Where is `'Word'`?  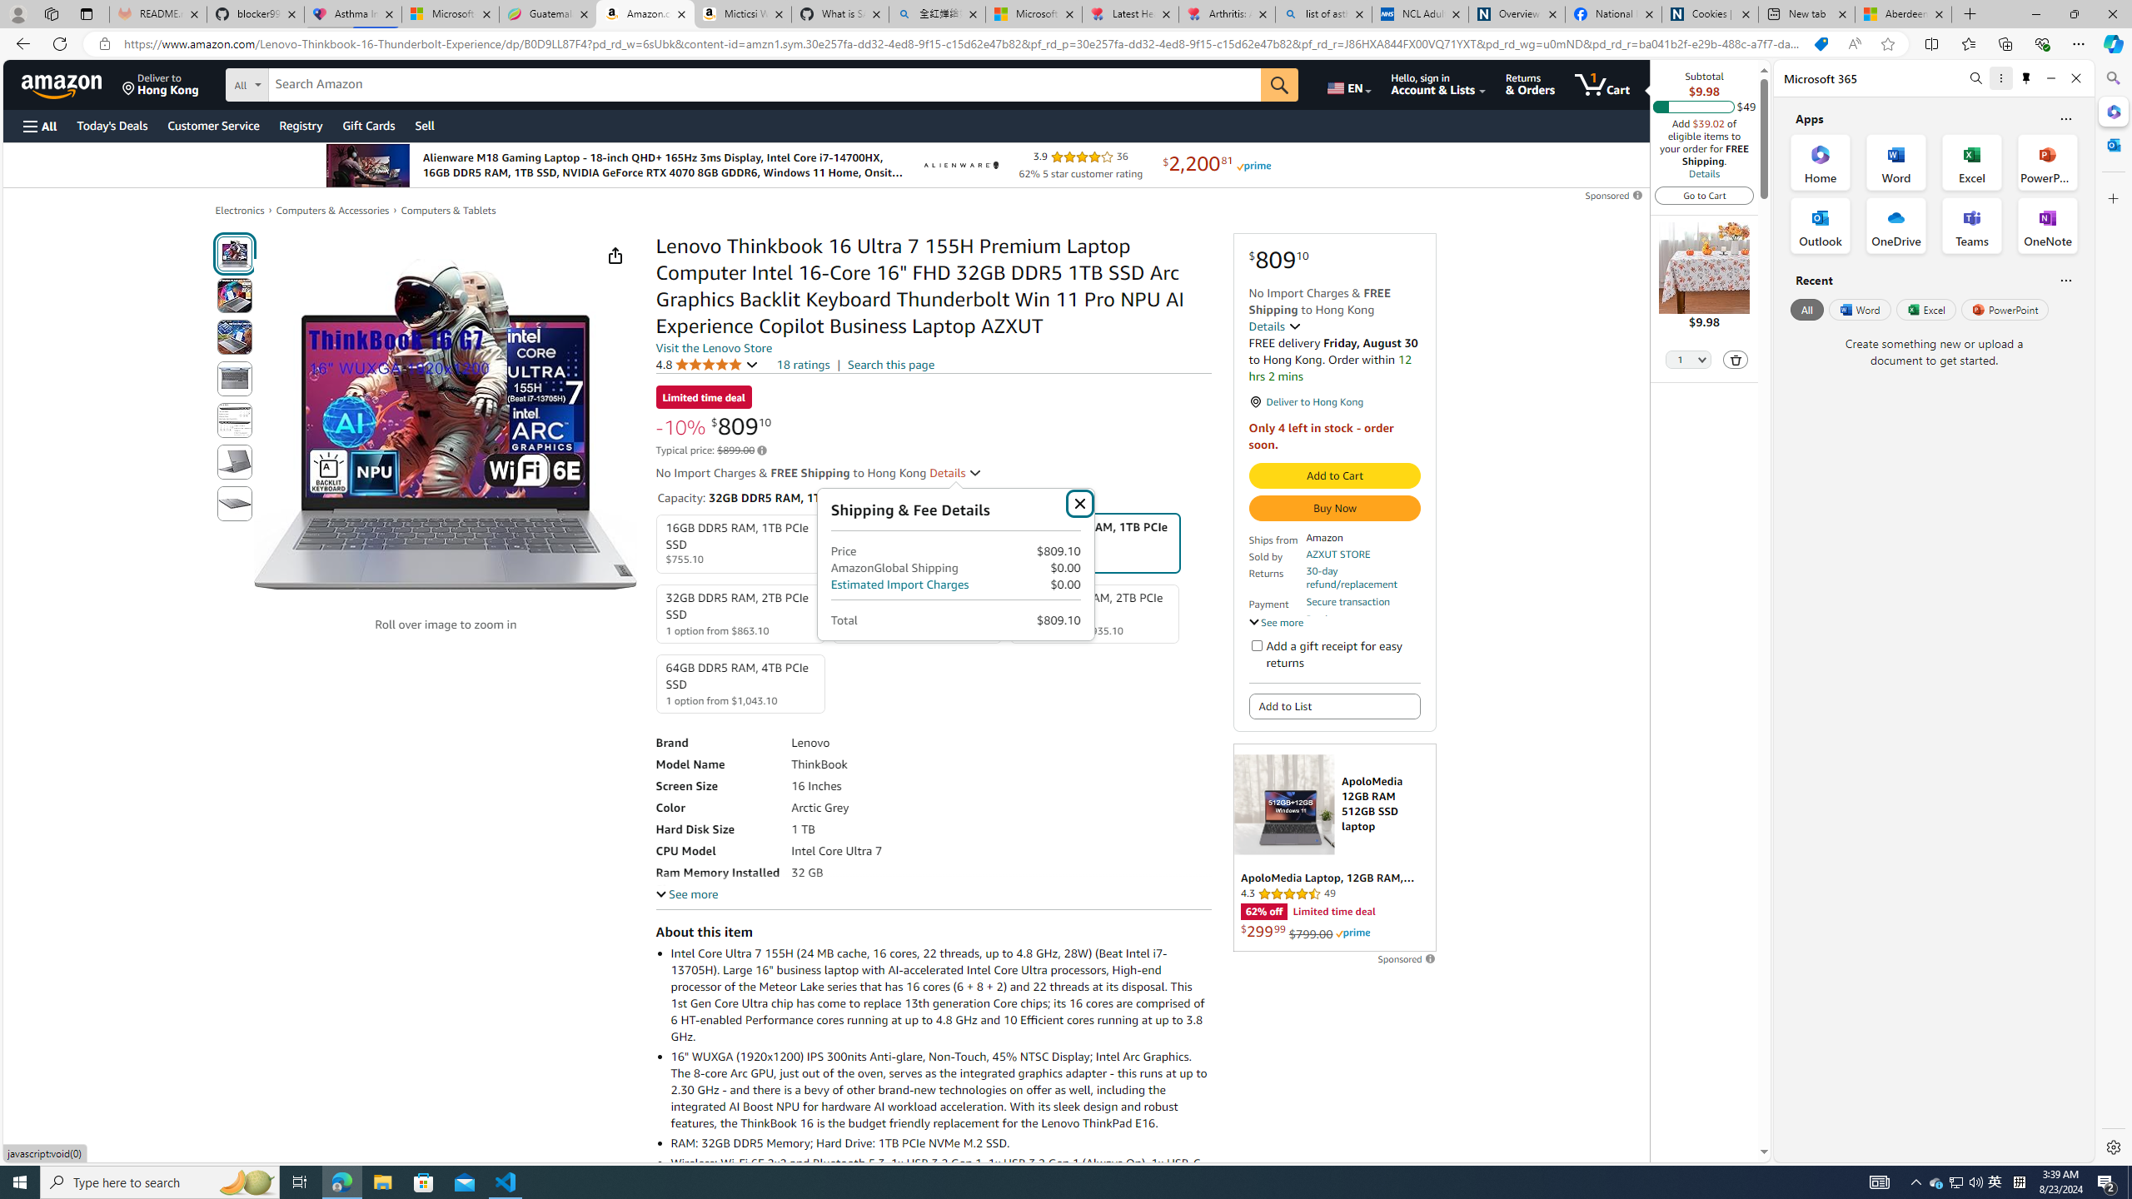 'Word' is located at coordinates (1858, 309).